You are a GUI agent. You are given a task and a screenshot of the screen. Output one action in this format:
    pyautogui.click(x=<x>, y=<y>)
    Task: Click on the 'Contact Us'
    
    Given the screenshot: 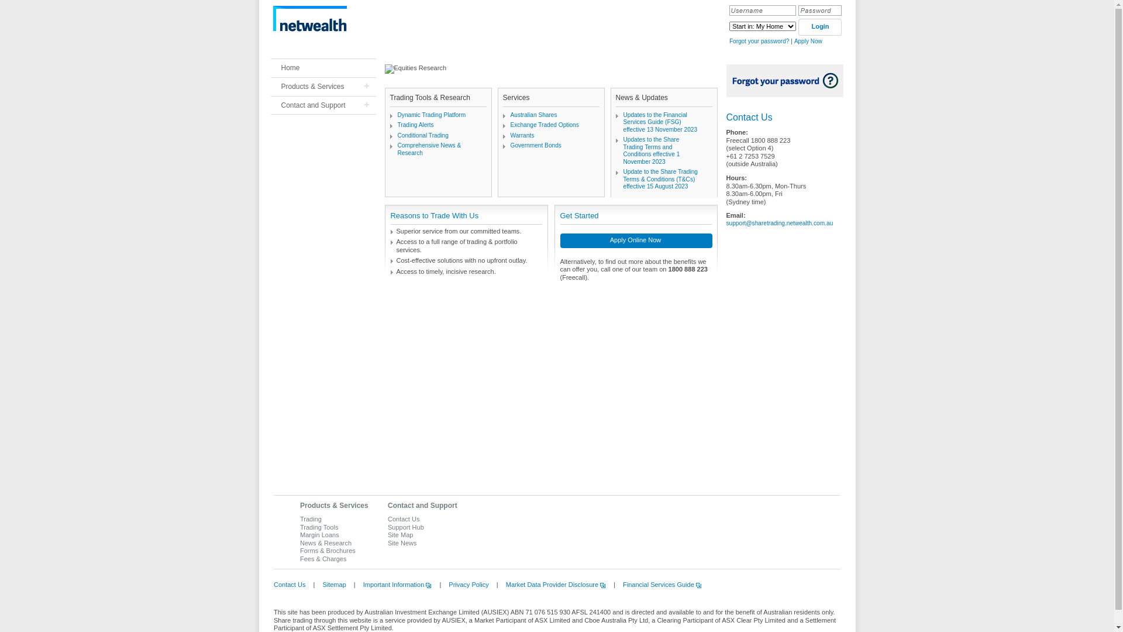 What is the action you would take?
    pyautogui.click(x=273, y=585)
    